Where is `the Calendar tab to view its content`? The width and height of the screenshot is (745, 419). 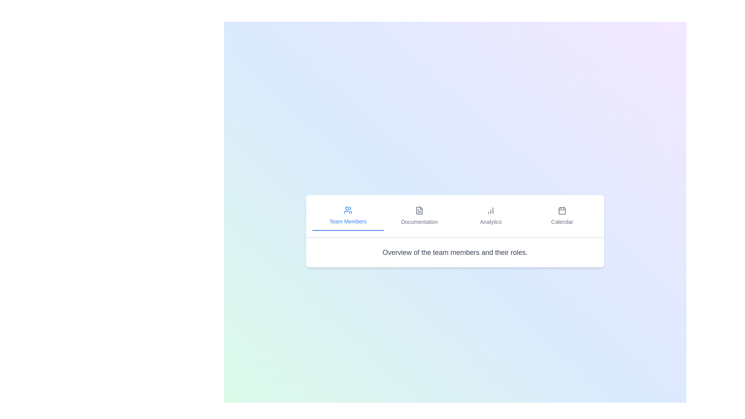
the Calendar tab to view its content is located at coordinates (562, 216).